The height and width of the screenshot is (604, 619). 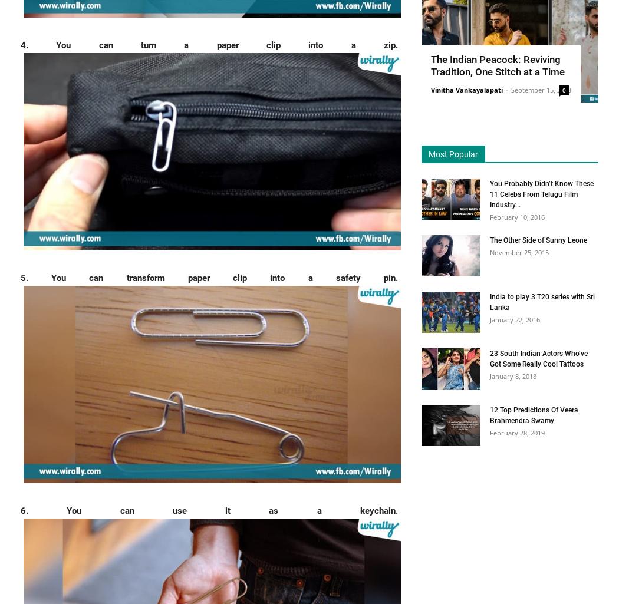 I want to click on 'The Indian Peacock: Reviving Tradition, One Stitch at a Time', so click(x=498, y=65).